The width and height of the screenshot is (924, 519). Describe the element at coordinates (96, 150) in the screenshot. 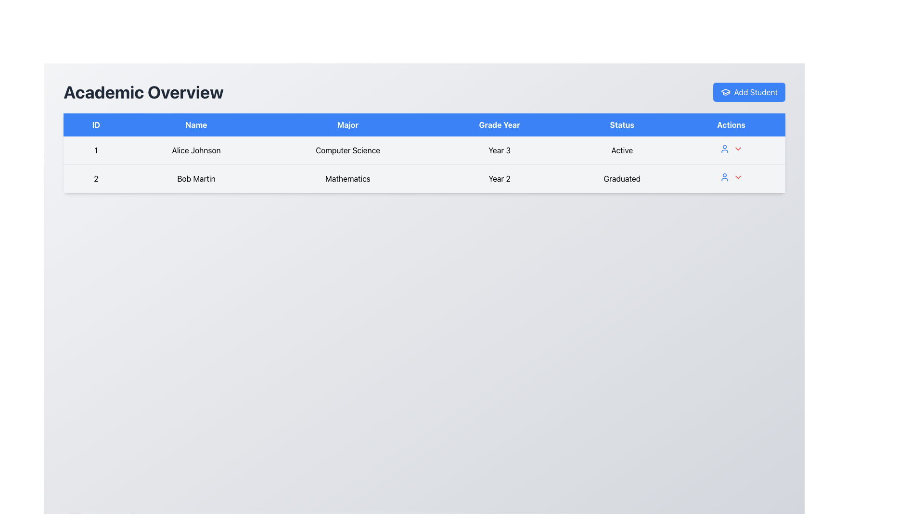

I see `the text element displaying the number '1' in the 'ID' column associated with Alice Johnson in the table` at that location.